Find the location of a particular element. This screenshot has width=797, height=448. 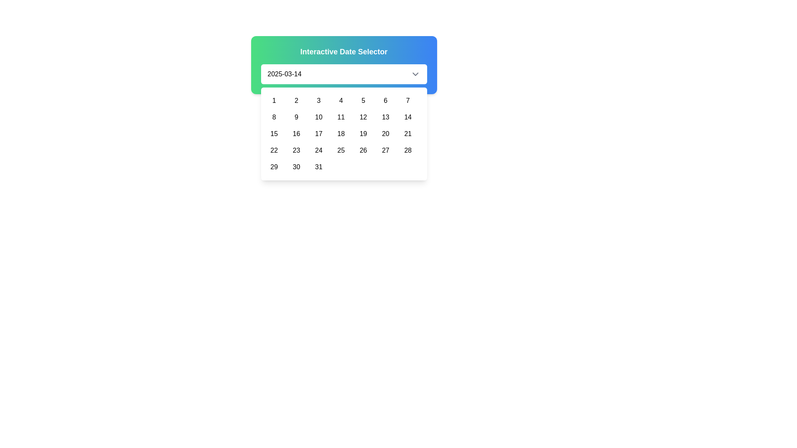

a day in the Calendar Grid located below the 'Interactive Date Selector' is located at coordinates (344, 134).